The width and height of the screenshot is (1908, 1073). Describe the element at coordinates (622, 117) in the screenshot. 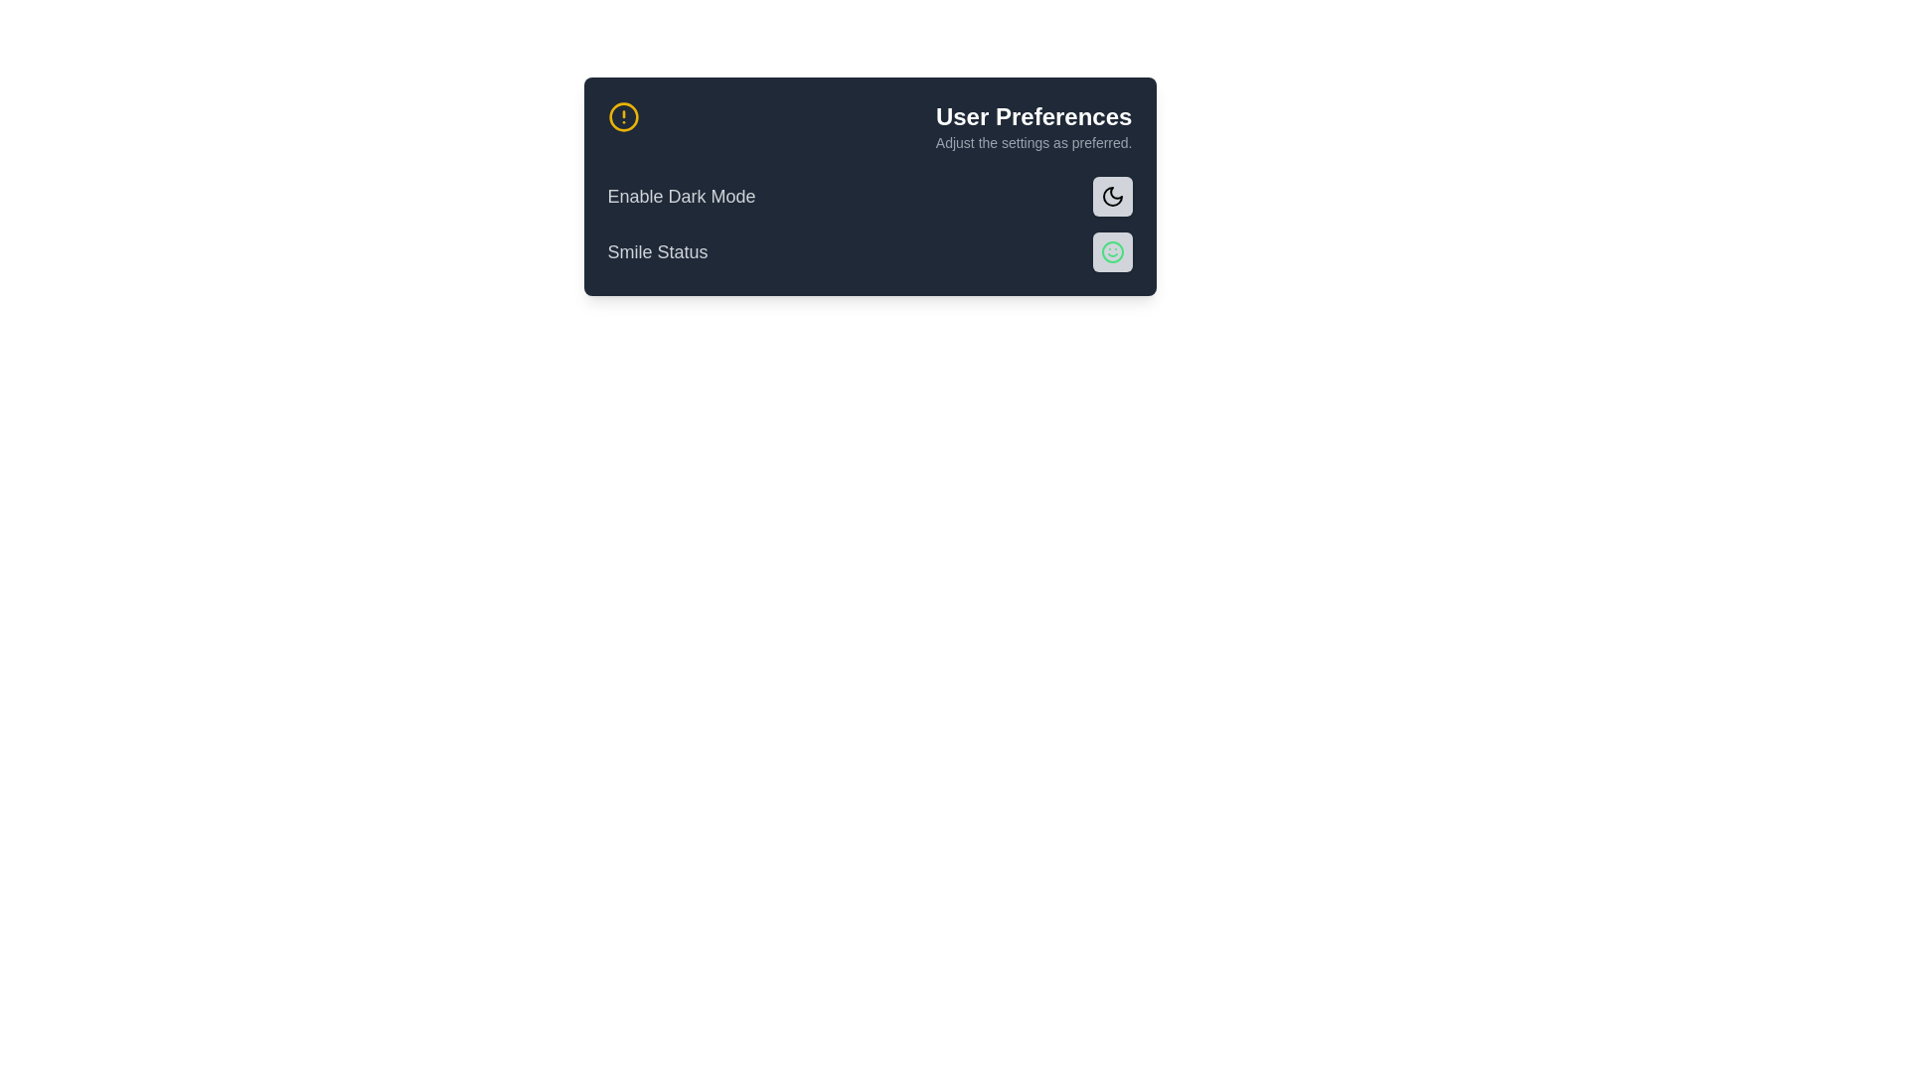

I see `the circular icon with a yellow outline and an exclamation mark, located to the far-left of the 'User Preferences' header area` at that location.